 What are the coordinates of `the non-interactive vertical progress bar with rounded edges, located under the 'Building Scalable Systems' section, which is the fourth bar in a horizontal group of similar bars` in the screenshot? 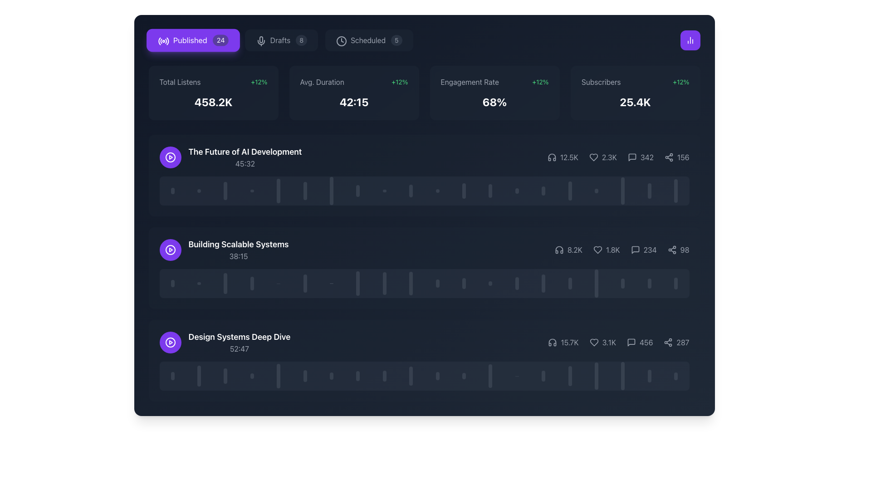 It's located at (252, 283).